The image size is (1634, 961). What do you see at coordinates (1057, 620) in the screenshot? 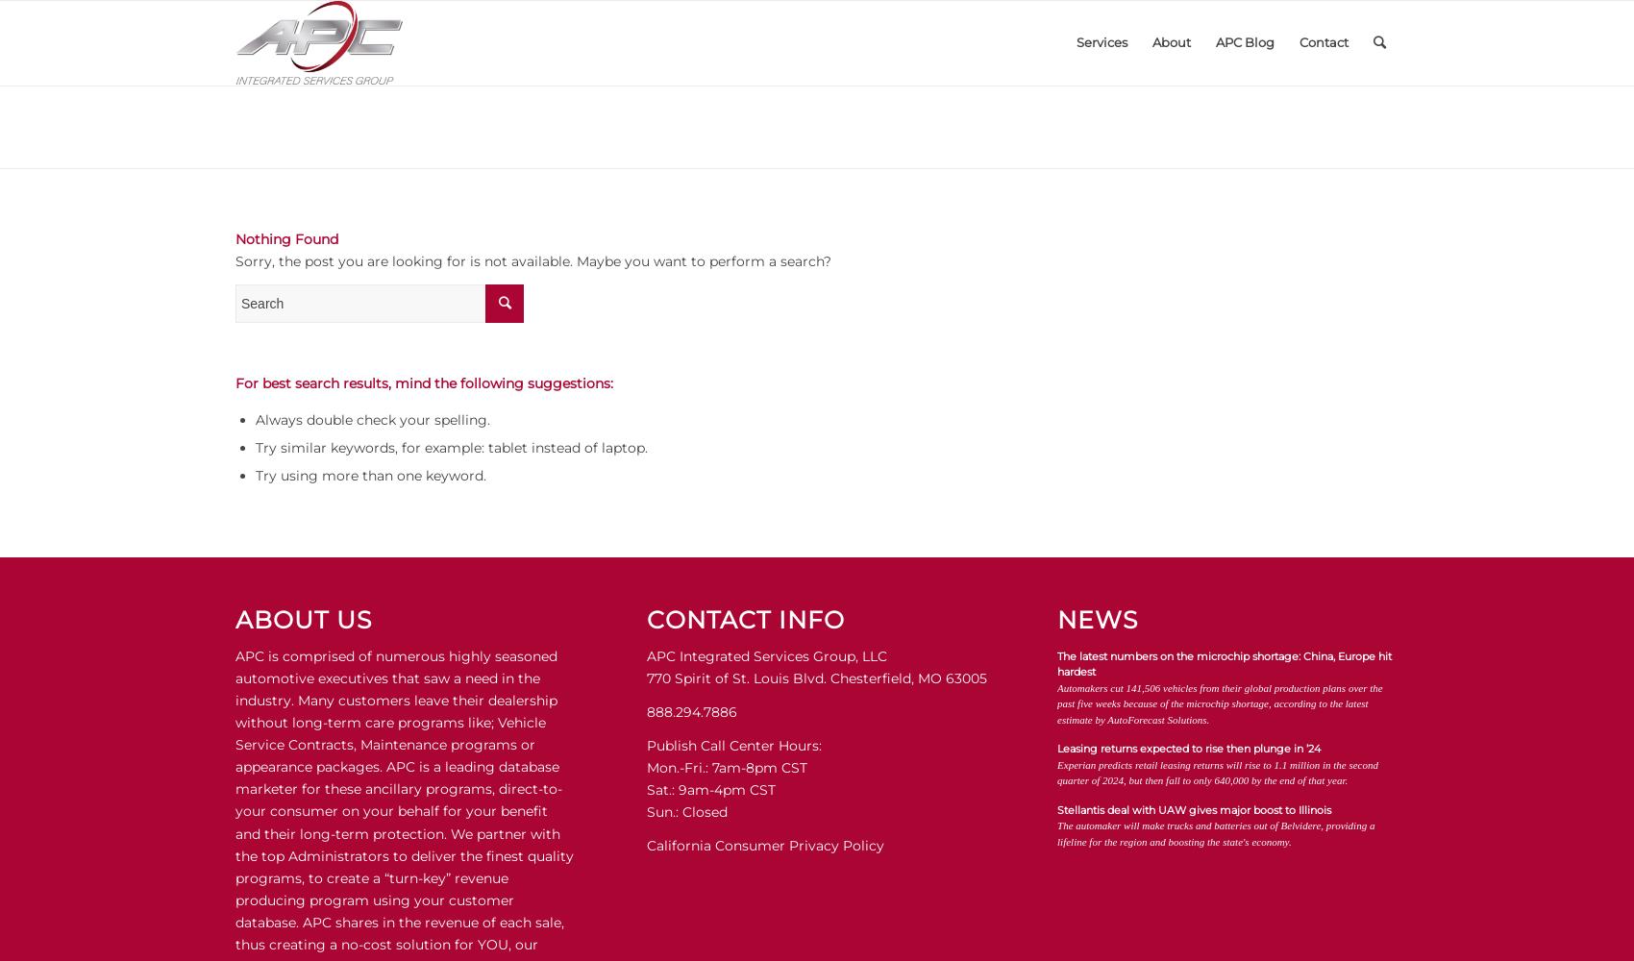
I see `'News'` at bounding box center [1057, 620].